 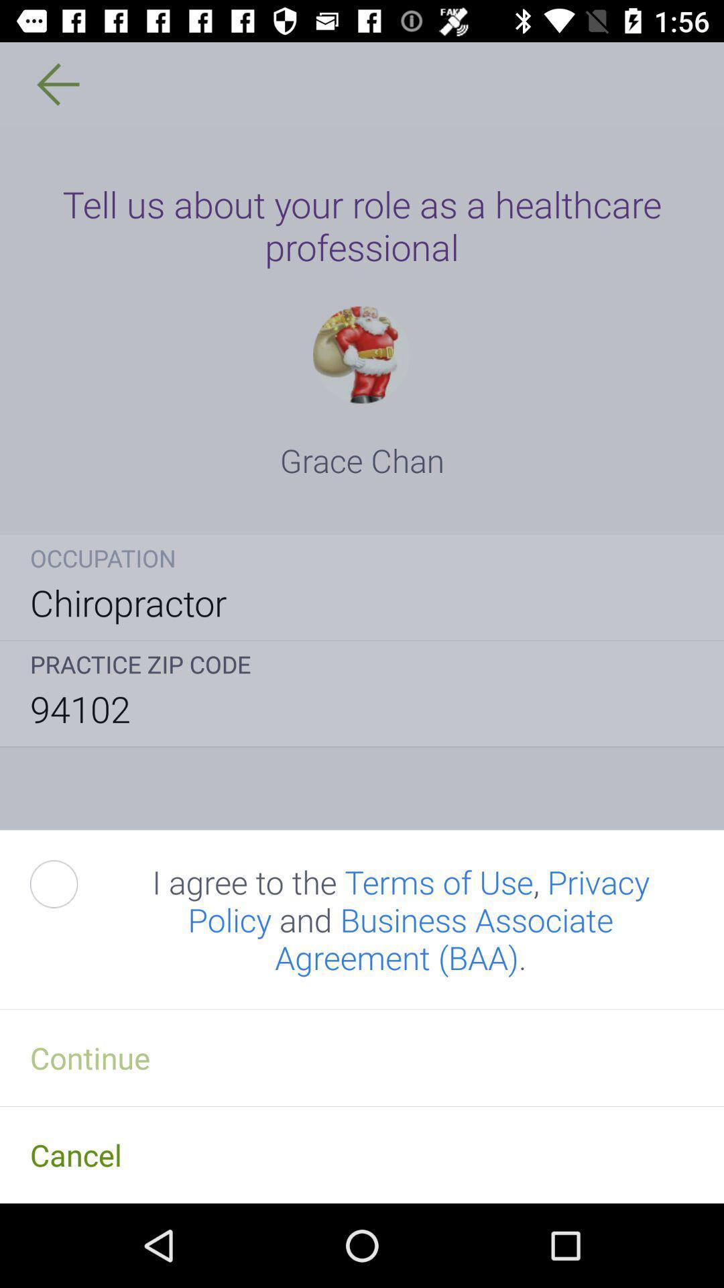 What do you see at coordinates (69, 884) in the screenshot?
I see `accept terms and conditions` at bounding box center [69, 884].